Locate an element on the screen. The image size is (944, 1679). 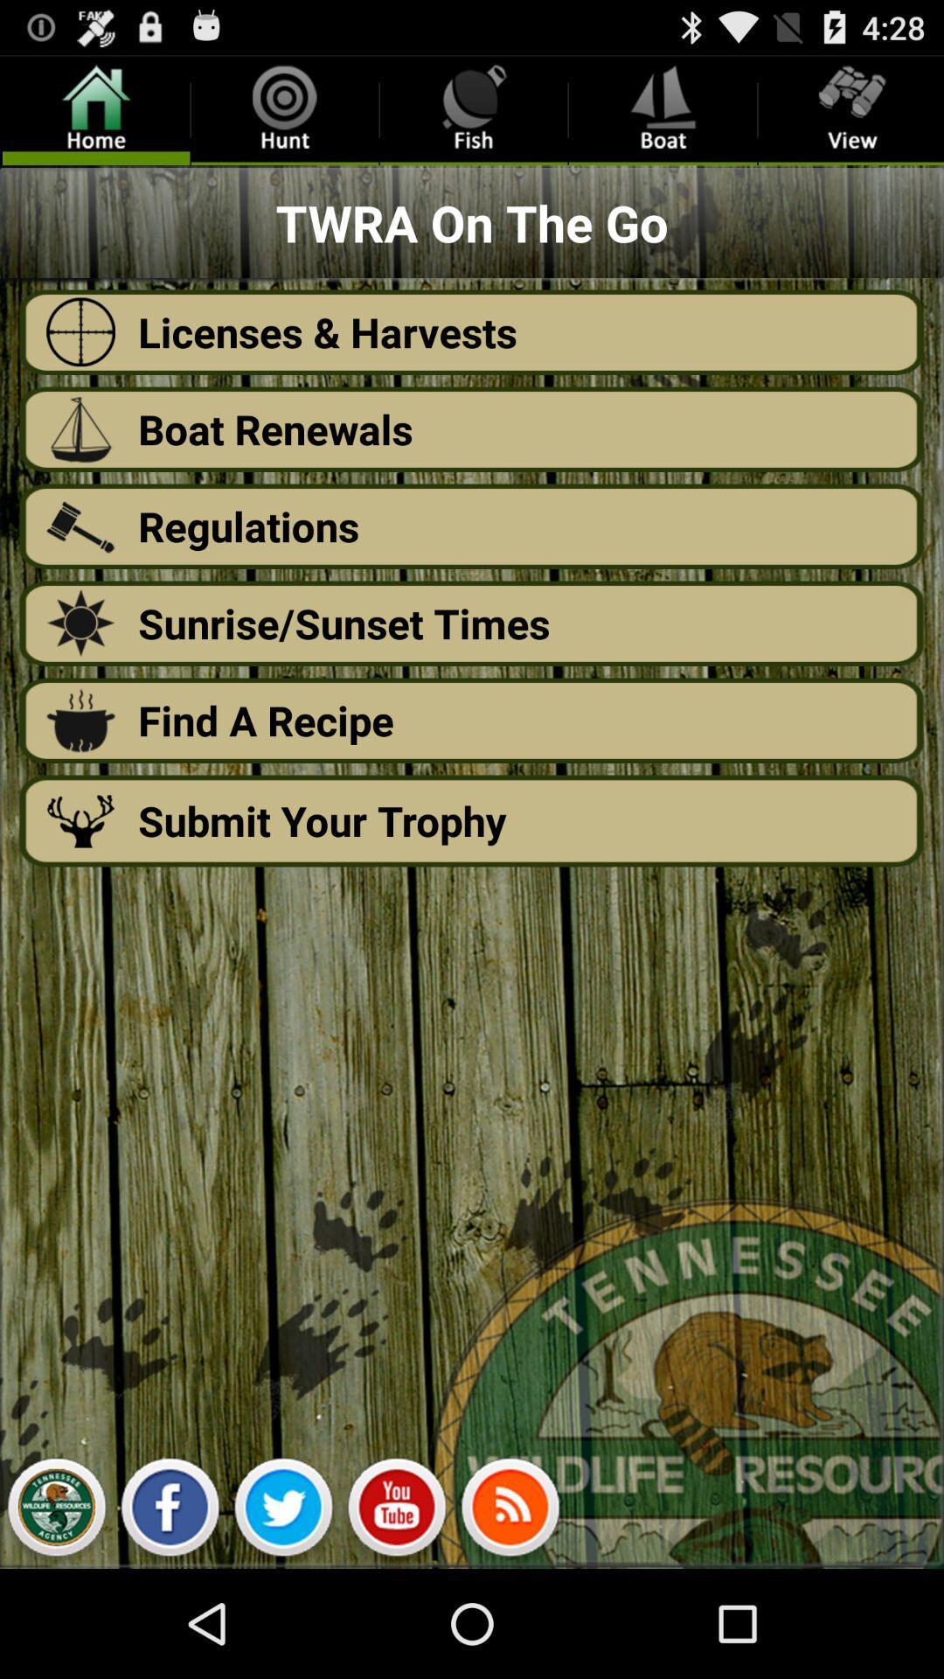
item below the submit your trophy is located at coordinates (170, 1511).